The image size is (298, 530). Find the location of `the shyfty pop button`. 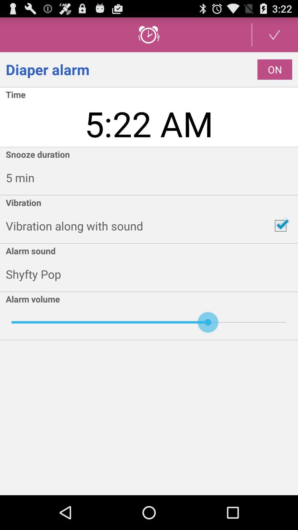

the shyfty pop button is located at coordinates (152, 274).